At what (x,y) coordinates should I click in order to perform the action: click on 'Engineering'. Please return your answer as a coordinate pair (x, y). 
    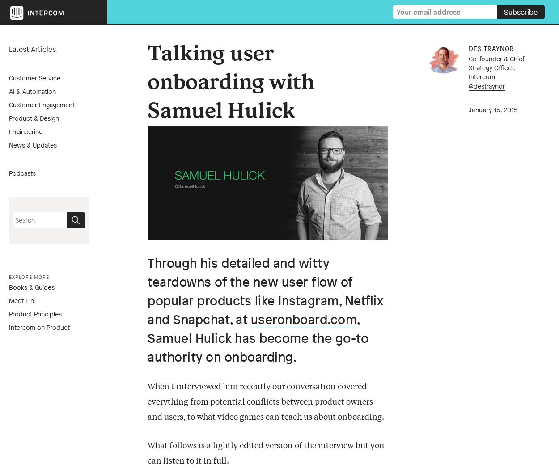
    Looking at the image, I should click on (9, 131).